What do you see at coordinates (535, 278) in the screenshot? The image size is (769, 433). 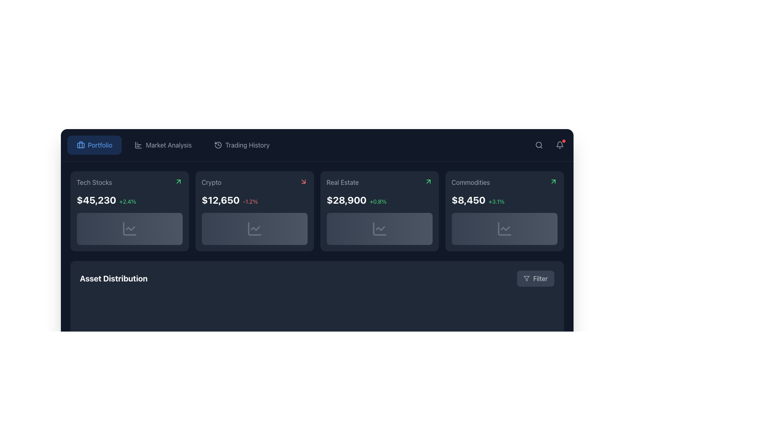 I see `the button located` at bounding box center [535, 278].